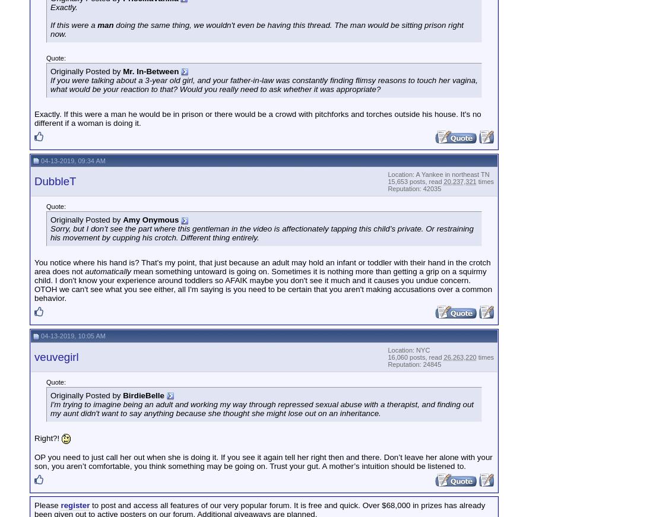 The image size is (653, 517). I want to click on 'register', so click(75, 505).